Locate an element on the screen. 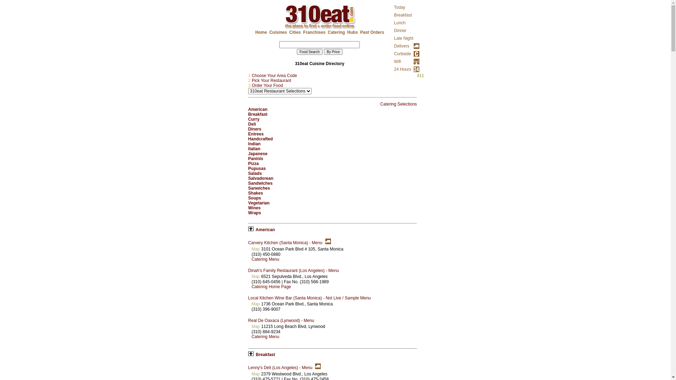 This screenshot has width=676, height=380. 'Salvadorean' is located at coordinates (260, 178).